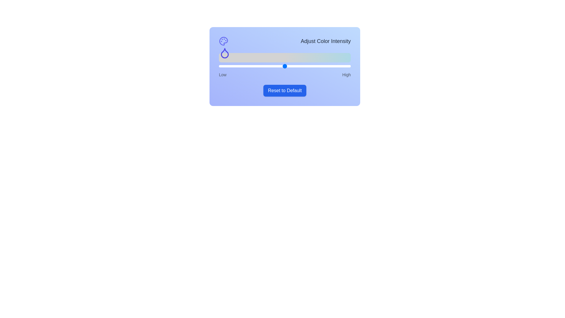 The image size is (565, 318). I want to click on the slider to set the color intensity to 43, so click(275, 66).